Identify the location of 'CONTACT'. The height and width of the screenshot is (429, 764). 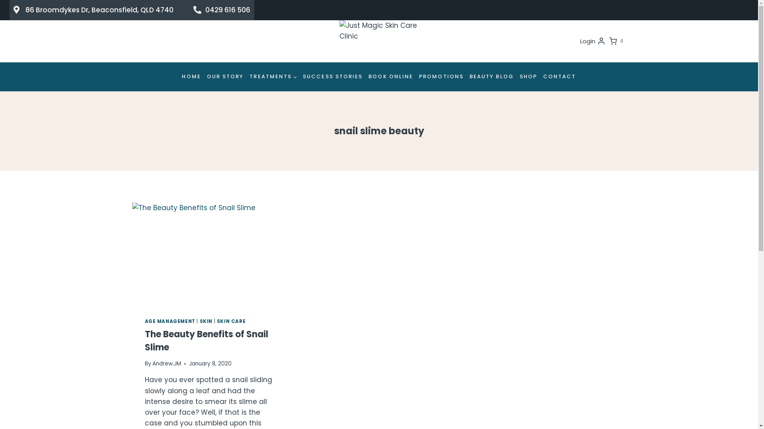
(559, 77).